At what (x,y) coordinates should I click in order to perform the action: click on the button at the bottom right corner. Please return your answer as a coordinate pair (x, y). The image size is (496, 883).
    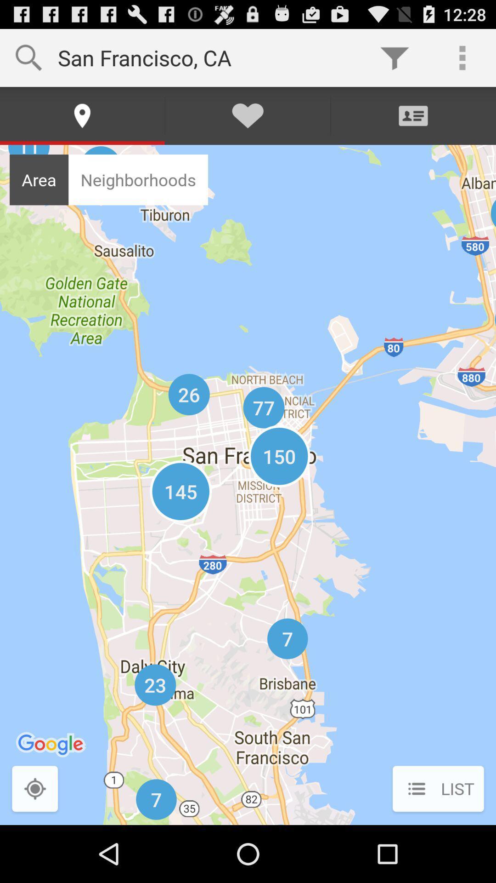
    Looking at the image, I should click on (438, 789).